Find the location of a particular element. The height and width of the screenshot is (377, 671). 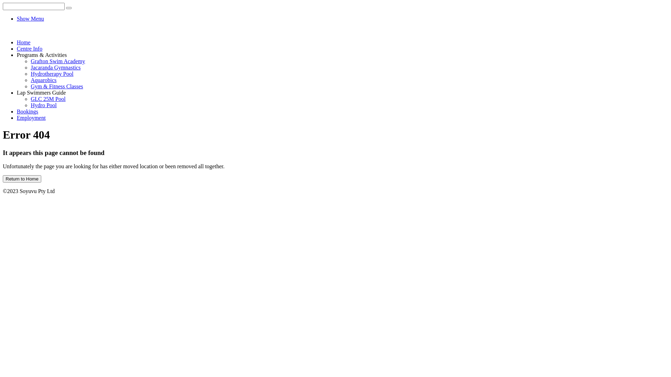

'Aquarobics' is located at coordinates (30, 80).